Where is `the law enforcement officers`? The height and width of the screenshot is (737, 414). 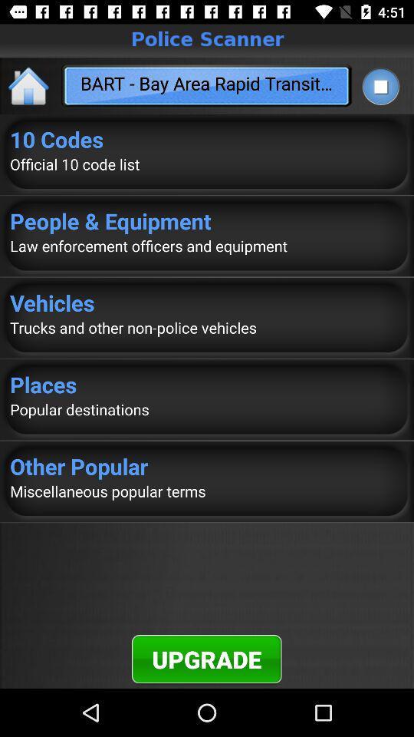
the law enforcement officers is located at coordinates (207, 246).